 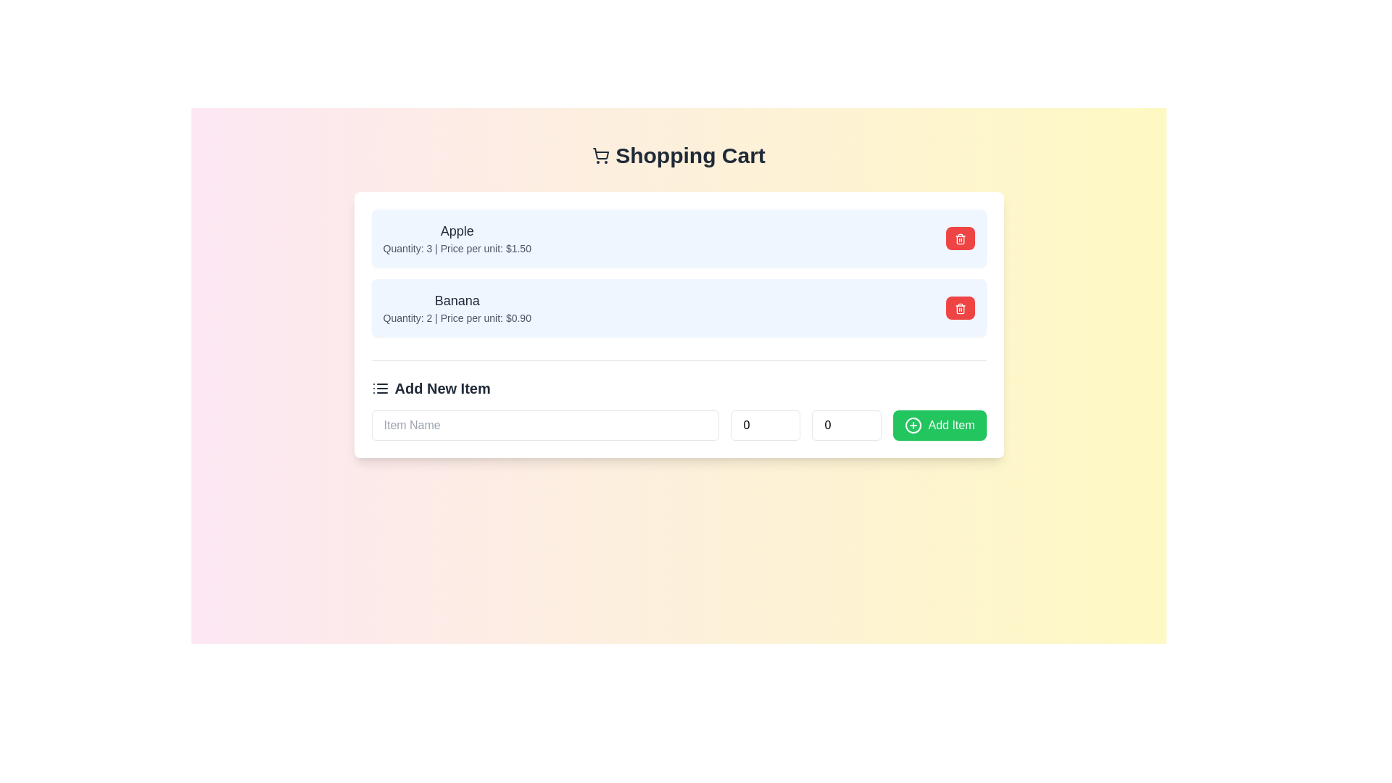 What do you see at coordinates (765, 424) in the screenshot?
I see `the numeric input field labeled 'Quantity' to focus on it` at bounding box center [765, 424].